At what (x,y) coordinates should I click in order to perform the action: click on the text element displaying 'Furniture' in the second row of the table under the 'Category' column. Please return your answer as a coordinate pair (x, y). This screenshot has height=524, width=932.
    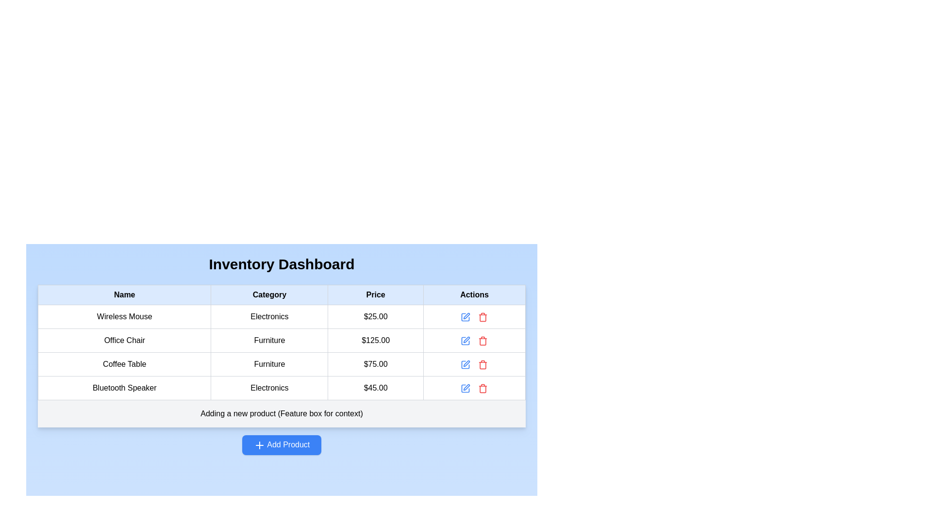
    Looking at the image, I should click on (269, 340).